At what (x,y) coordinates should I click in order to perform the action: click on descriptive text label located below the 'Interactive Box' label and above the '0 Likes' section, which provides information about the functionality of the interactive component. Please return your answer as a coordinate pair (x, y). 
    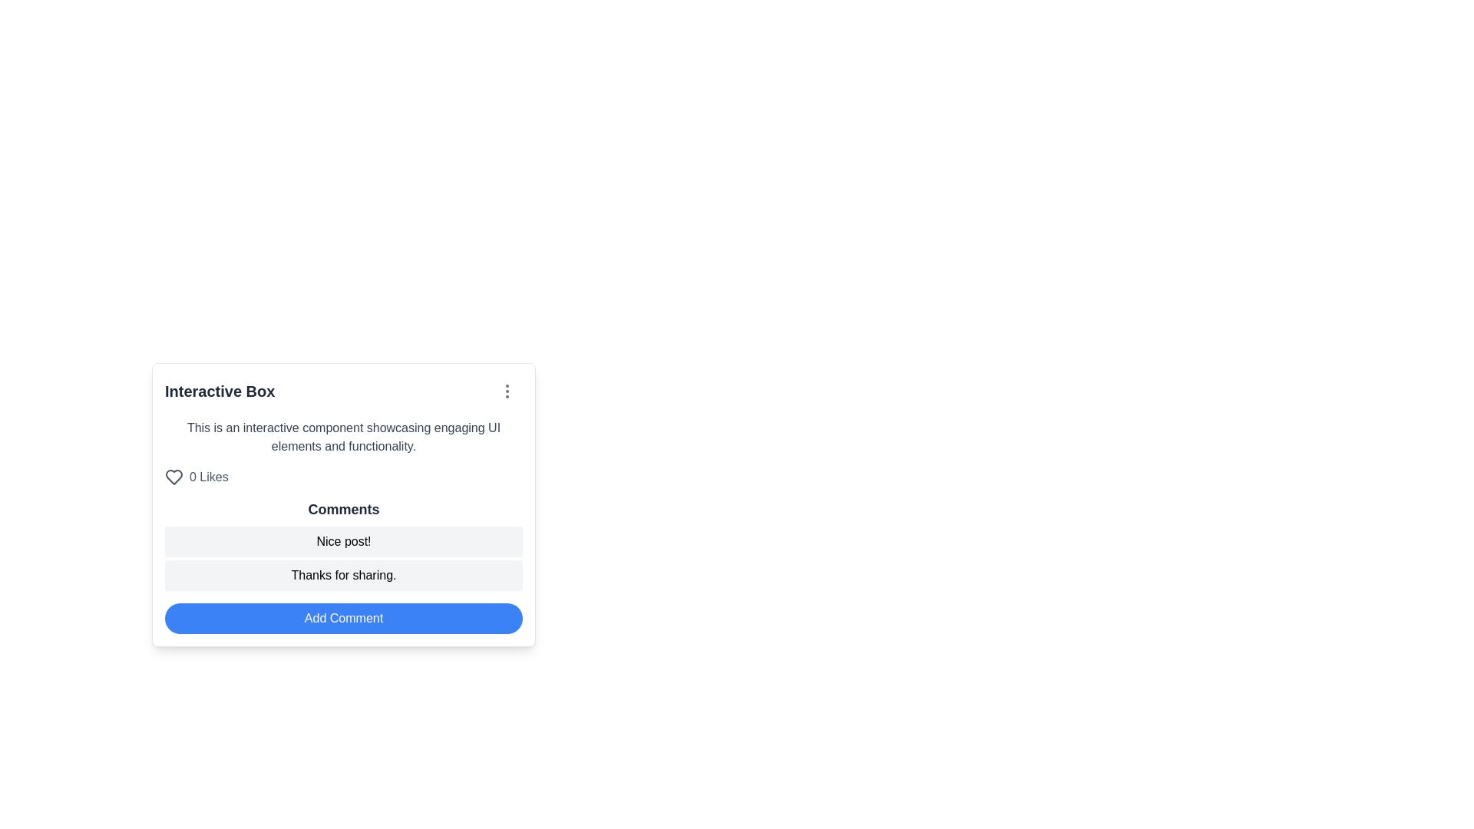
    Looking at the image, I should click on (342, 438).